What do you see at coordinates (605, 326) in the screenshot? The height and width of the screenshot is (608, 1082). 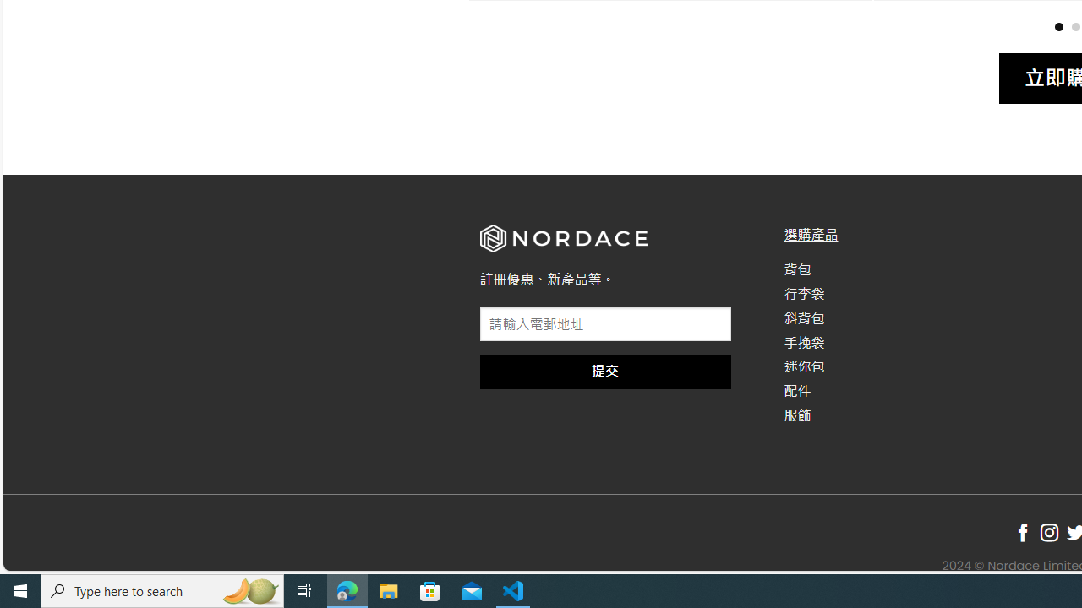 I see `'AutomationID: field_4_1'` at bounding box center [605, 326].